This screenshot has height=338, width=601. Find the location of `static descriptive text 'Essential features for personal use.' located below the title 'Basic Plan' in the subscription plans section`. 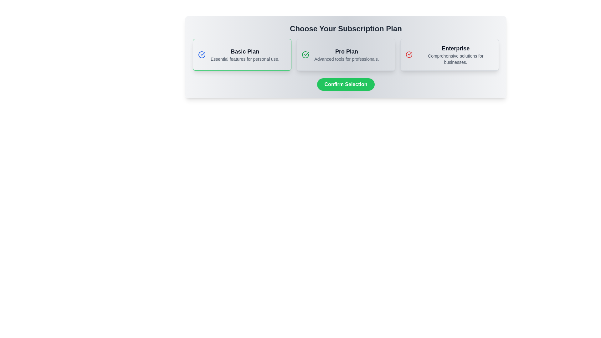

static descriptive text 'Essential features for personal use.' located below the title 'Basic Plan' in the subscription plans section is located at coordinates (244, 59).